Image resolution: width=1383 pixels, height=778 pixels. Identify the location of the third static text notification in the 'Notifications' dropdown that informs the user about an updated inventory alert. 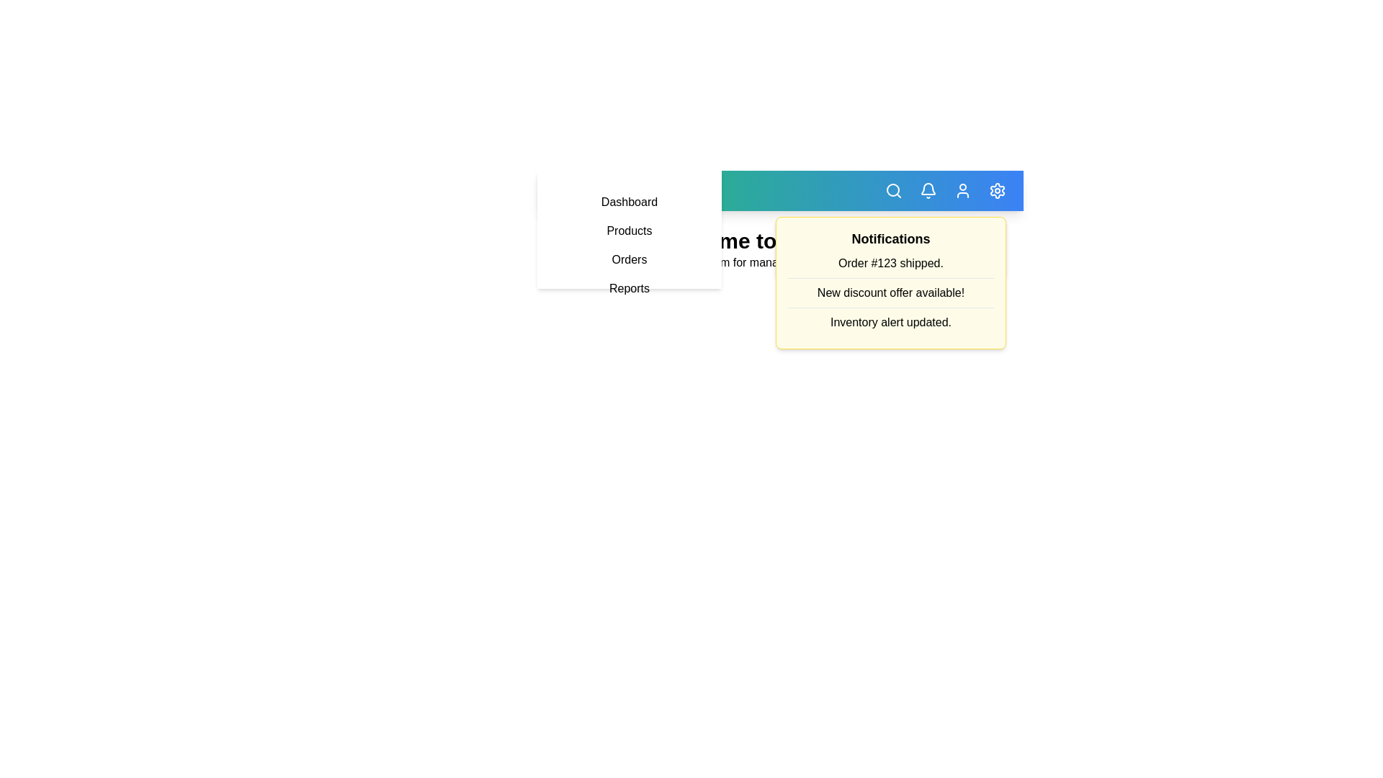
(890, 321).